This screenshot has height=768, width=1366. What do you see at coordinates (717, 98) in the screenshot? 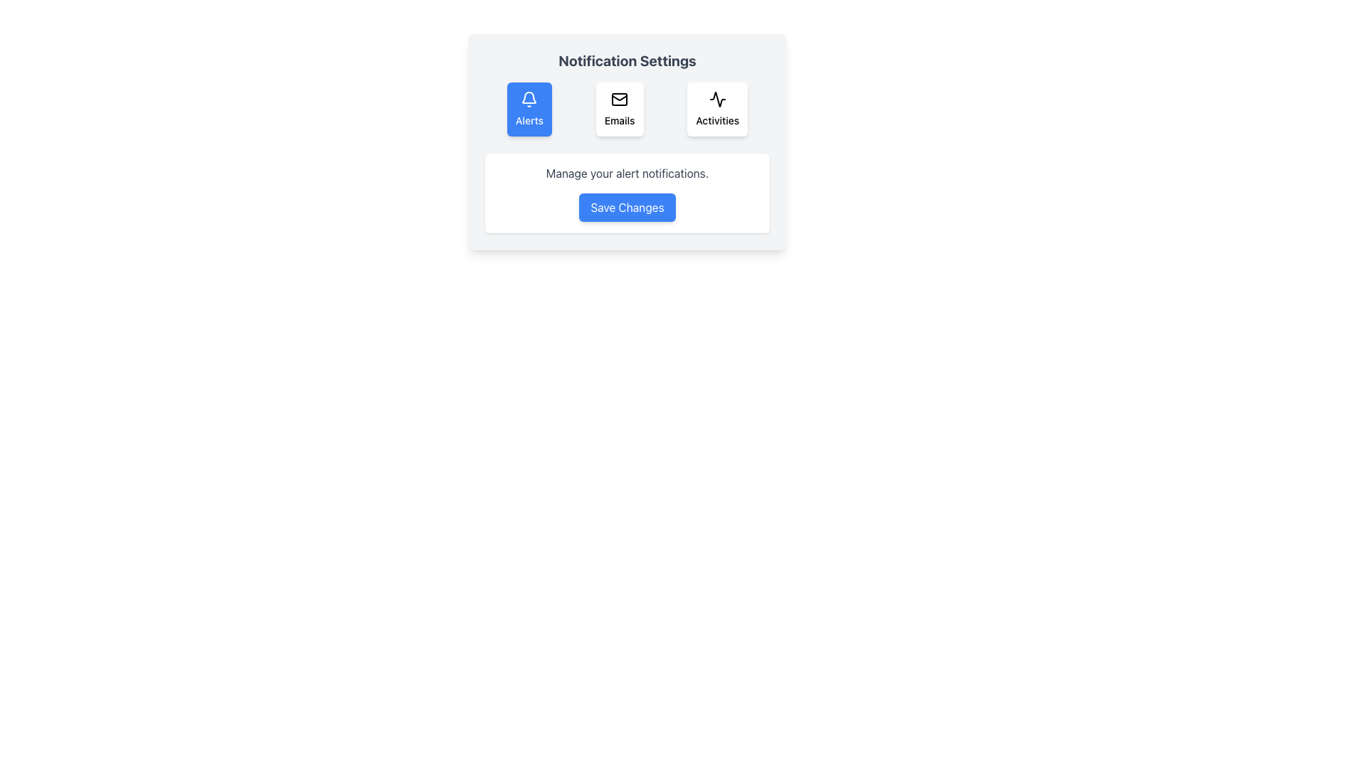
I see `the small graphical icon resembling an activity graph line with peaks, located within a white square background under the 'Notification Settings' section, specifically the third option labeled 'Activities'` at bounding box center [717, 98].